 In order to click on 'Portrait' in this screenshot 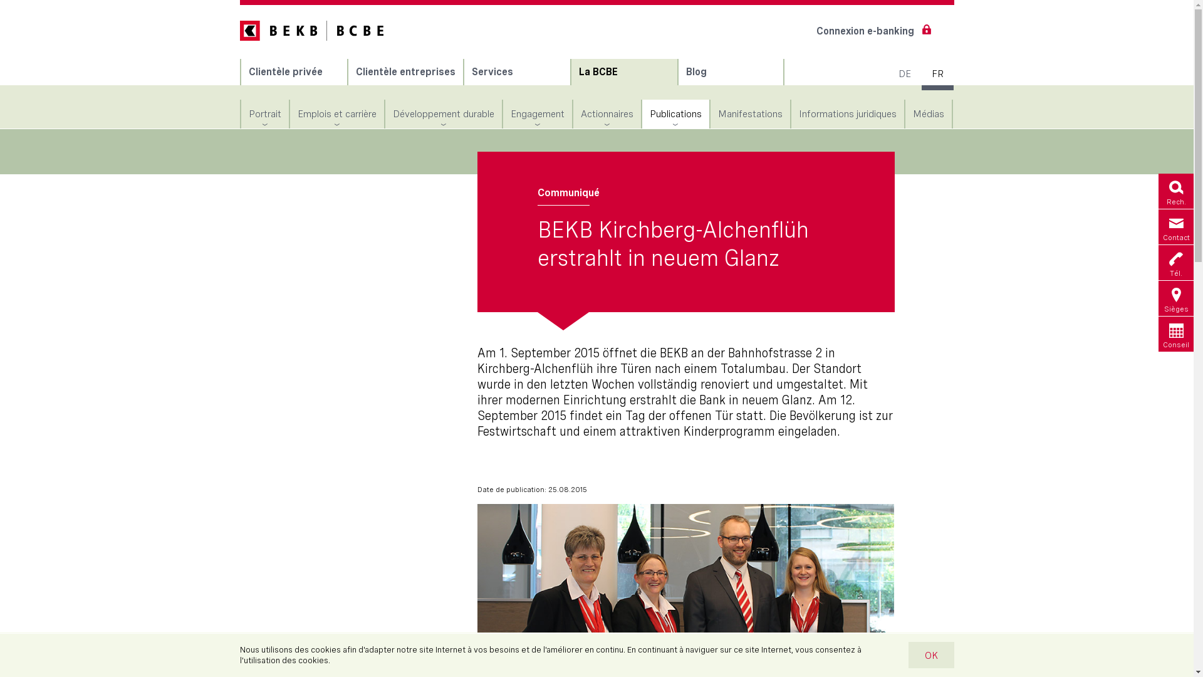, I will do `click(241, 113)`.